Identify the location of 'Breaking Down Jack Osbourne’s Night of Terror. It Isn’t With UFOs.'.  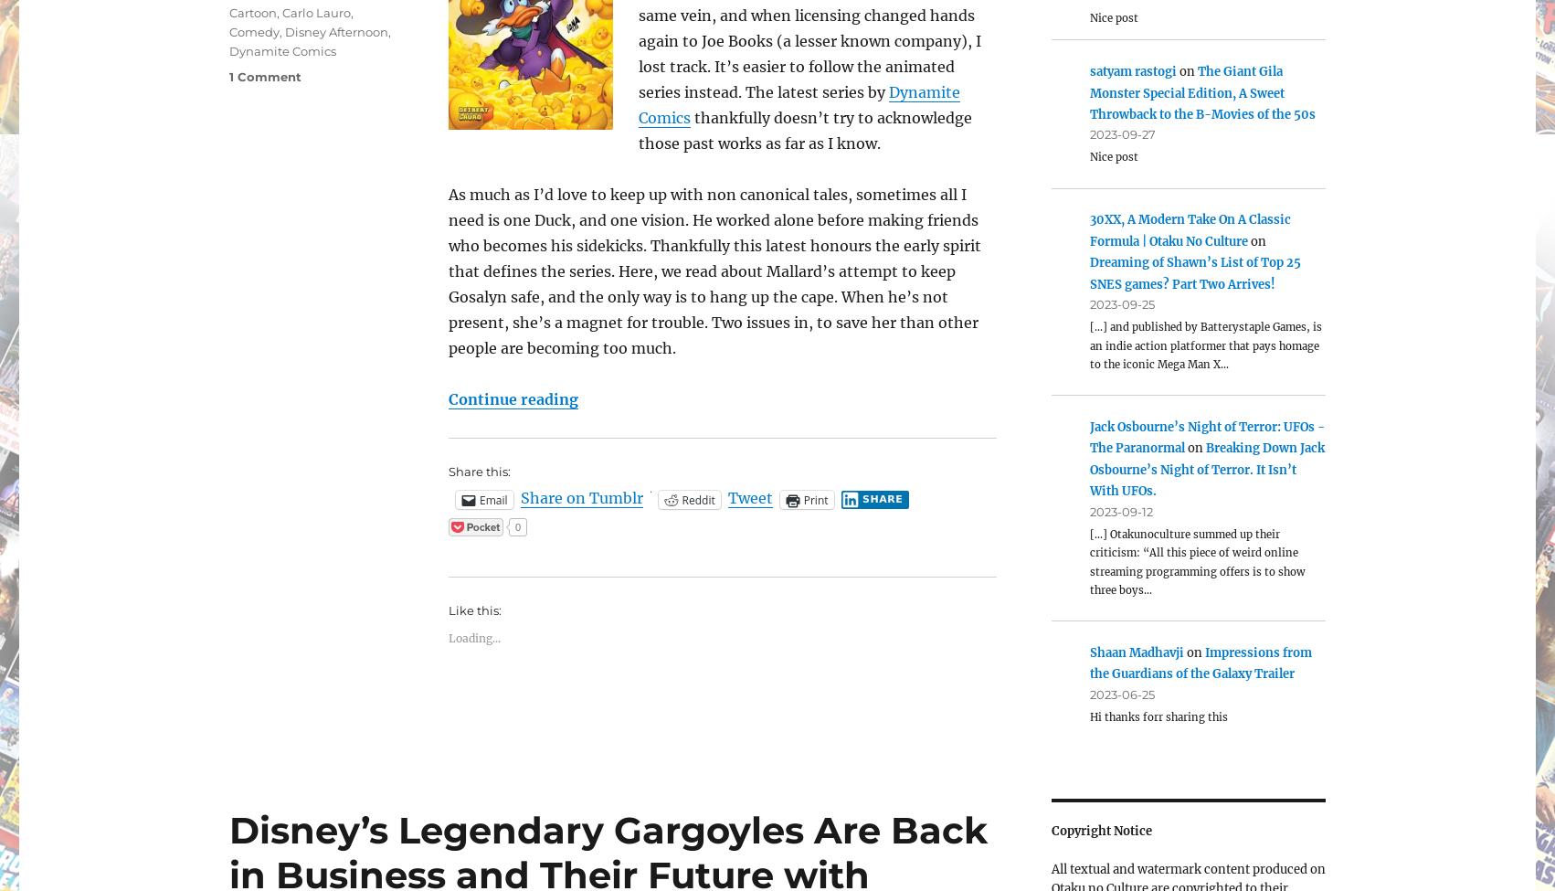
(1089, 469).